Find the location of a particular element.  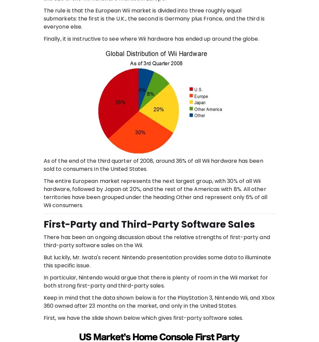

'But luckily, Mr. Iwata's recent Nintendo presentation provides some data to illuminate this specific issue.' is located at coordinates (156, 261).